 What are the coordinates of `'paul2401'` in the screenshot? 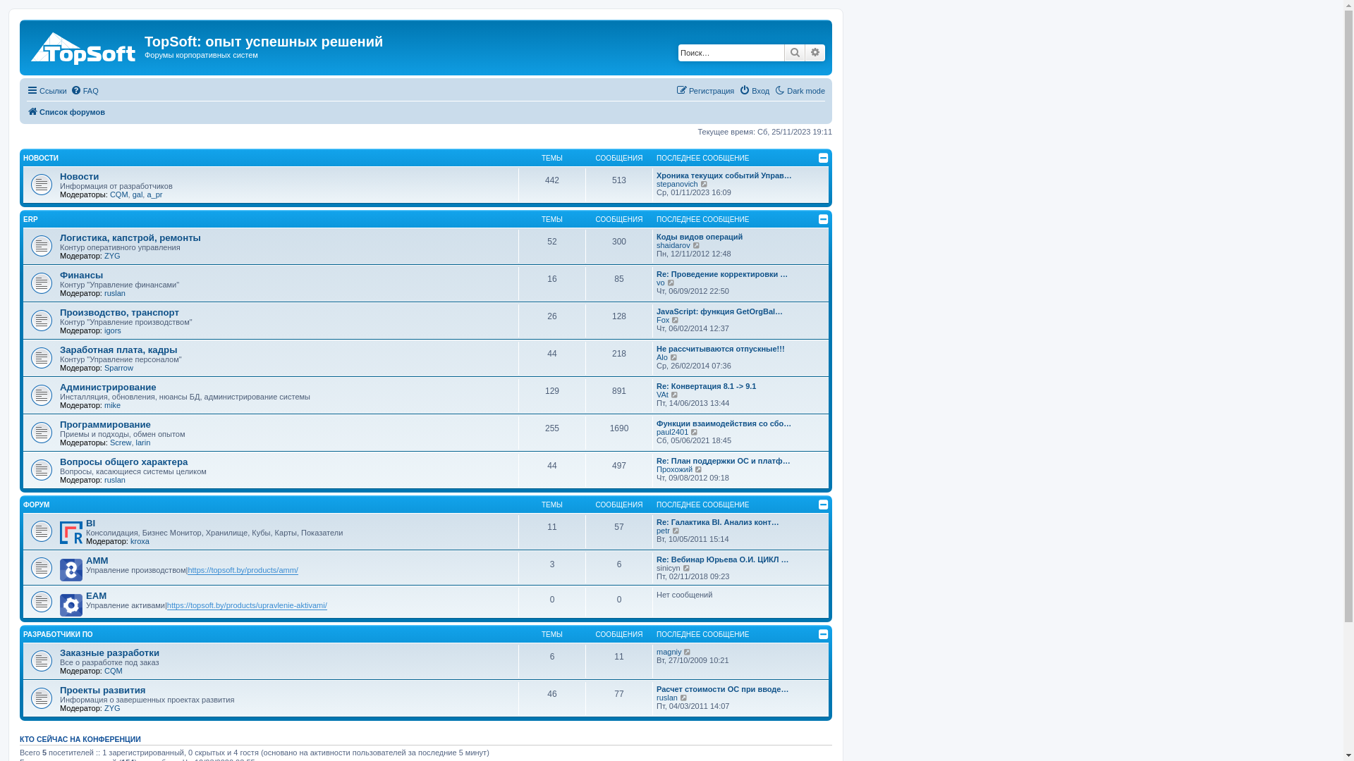 It's located at (671, 431).